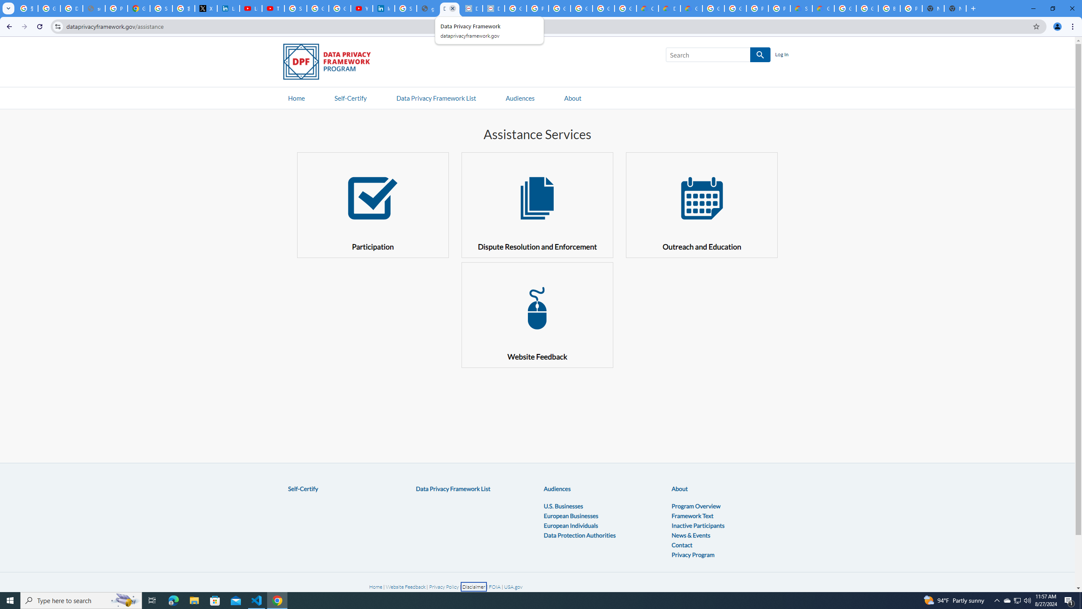 This screenshot has width=1082, height=609. What do you see at coordinates (331, 63) in the screenshot?
I see `'Data Privacy Framework Logo - Link to Homepage'` at bounding box center [331, 63].